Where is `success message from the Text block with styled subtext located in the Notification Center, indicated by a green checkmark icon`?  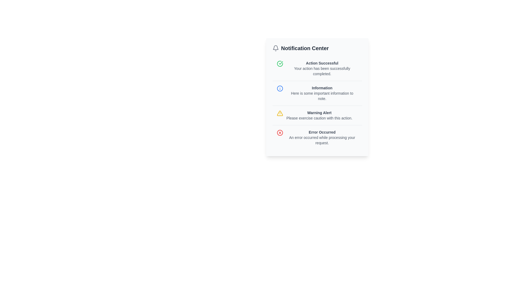 success message from the Text block with styled subtext located in the Notification Center, indicated by a green checkmark icon is located at coordinates (322, 68).